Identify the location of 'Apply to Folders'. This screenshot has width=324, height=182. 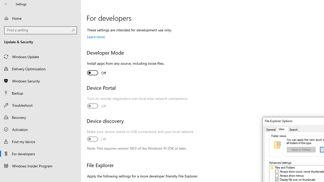
(301, 149).